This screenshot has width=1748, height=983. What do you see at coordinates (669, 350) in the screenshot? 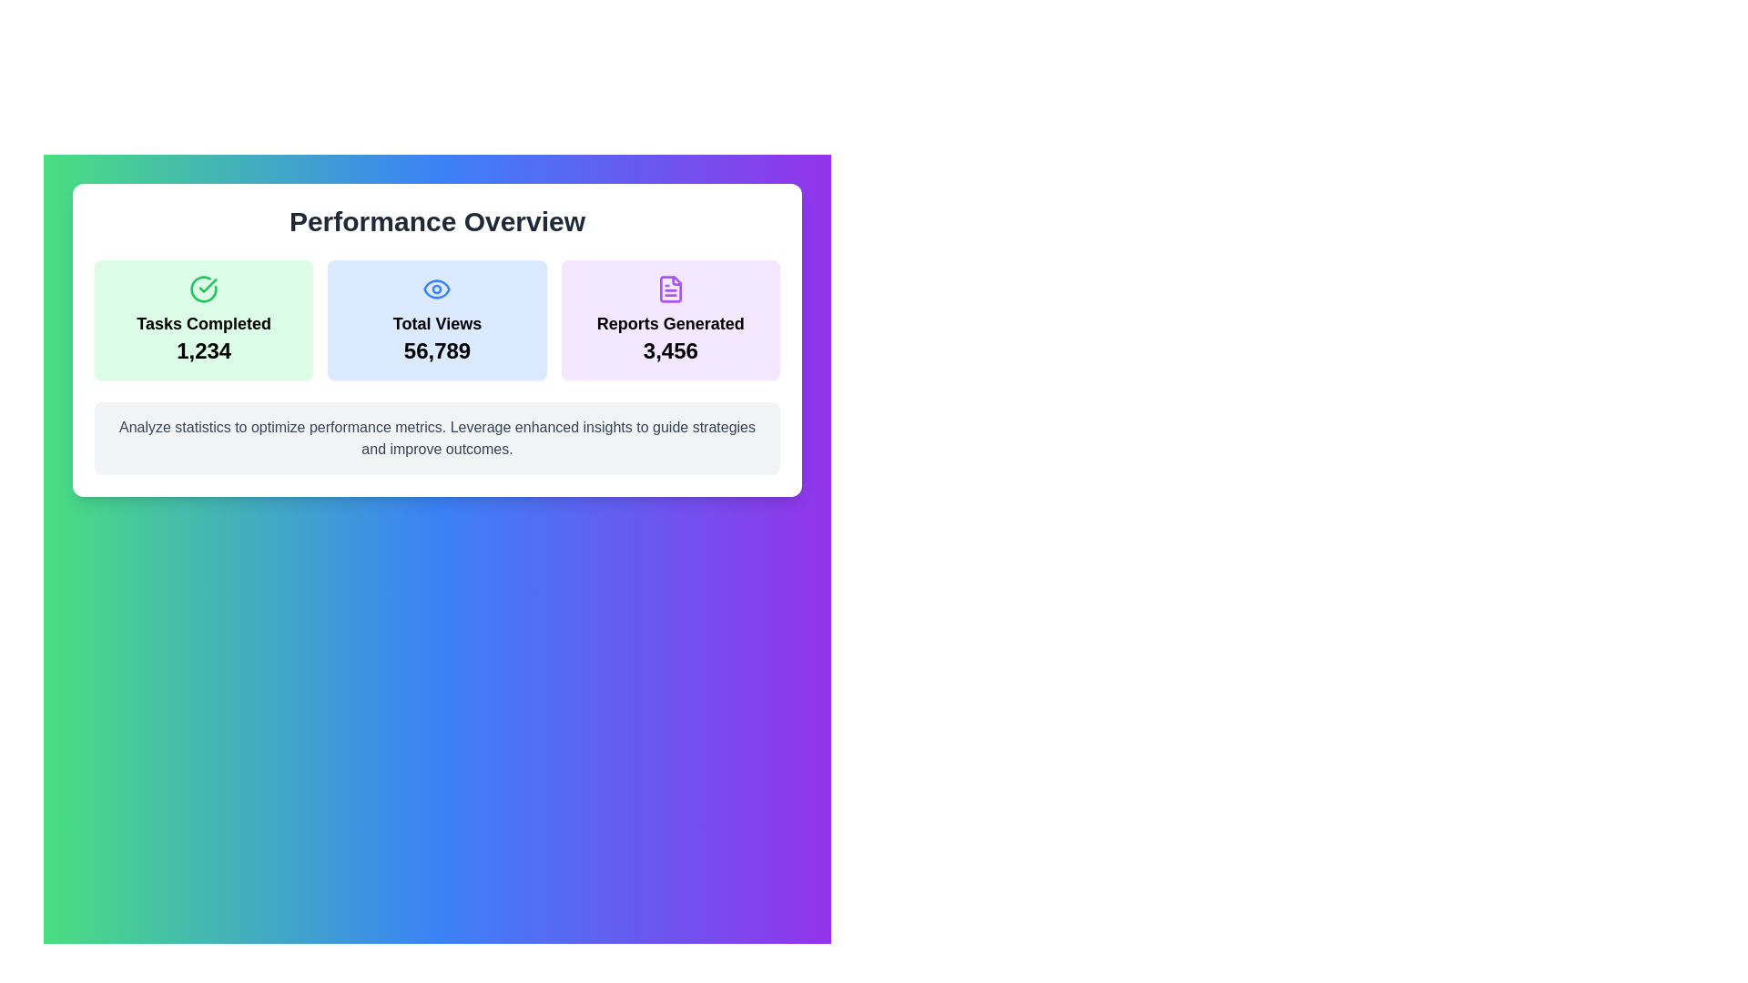
I see `the displayed value of the text label indicating the total number of reports generated, which is centrally located in the rightmost card of a three-card layout, underneath the text 'Reports Generated'` at bounding box center [669, 350].